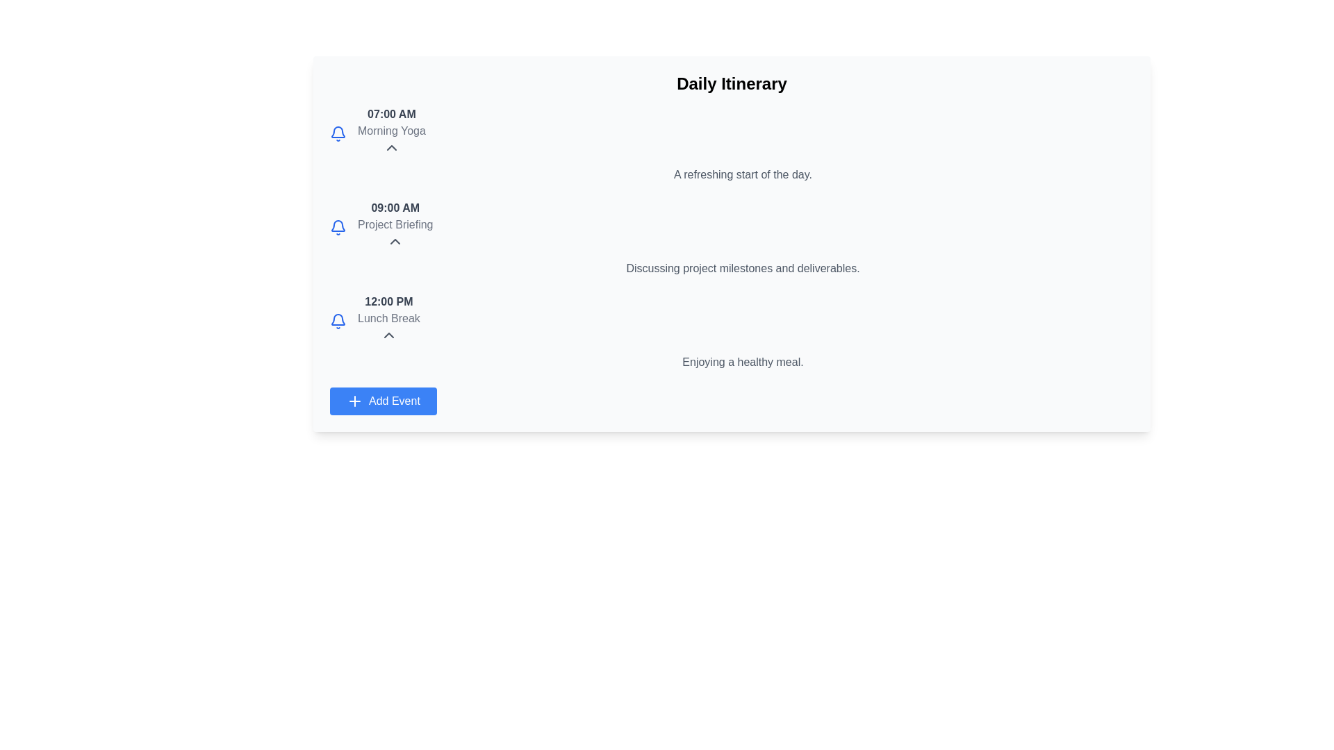 The image size is (1334, 750). I want to click on the icon located at the beginning of the 'Add Event' button, which is positioned to the left of the text 'Add Event', so click(354, 401).